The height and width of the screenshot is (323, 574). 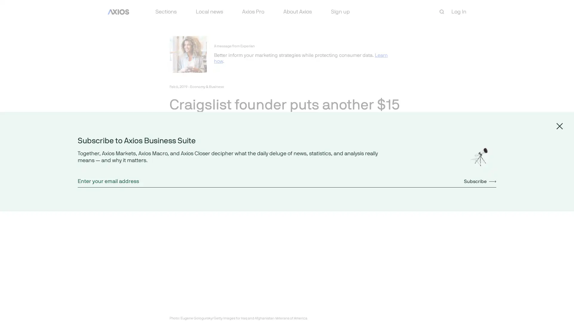 What do you see at coordinates (459, 11) in the screenshot?
I see `Log In` at bounding box center [459, 11].